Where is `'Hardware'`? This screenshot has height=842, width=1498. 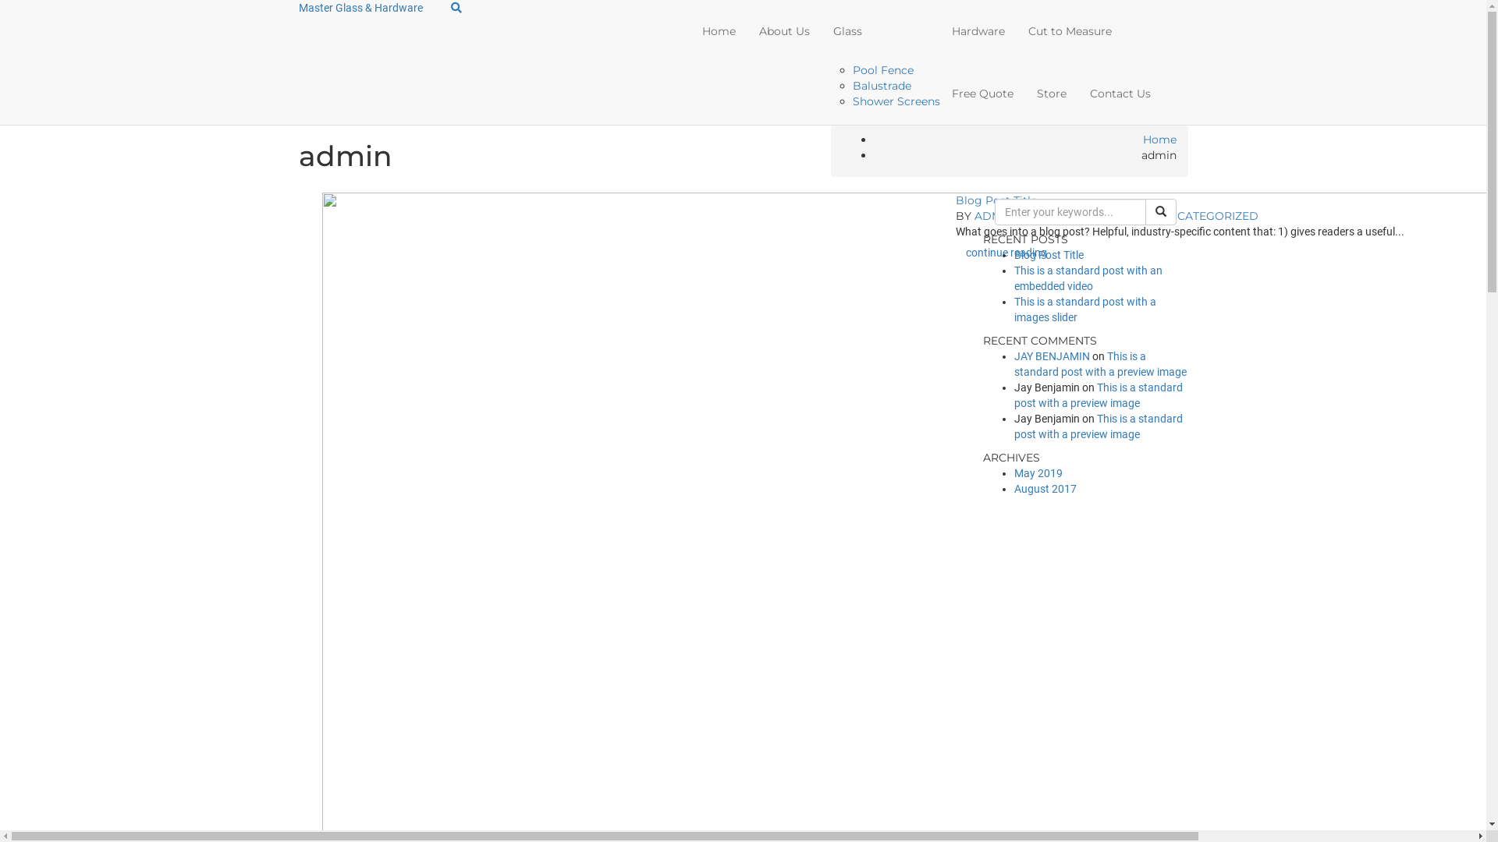 'Hardware' is located at coordinates (939, 30).